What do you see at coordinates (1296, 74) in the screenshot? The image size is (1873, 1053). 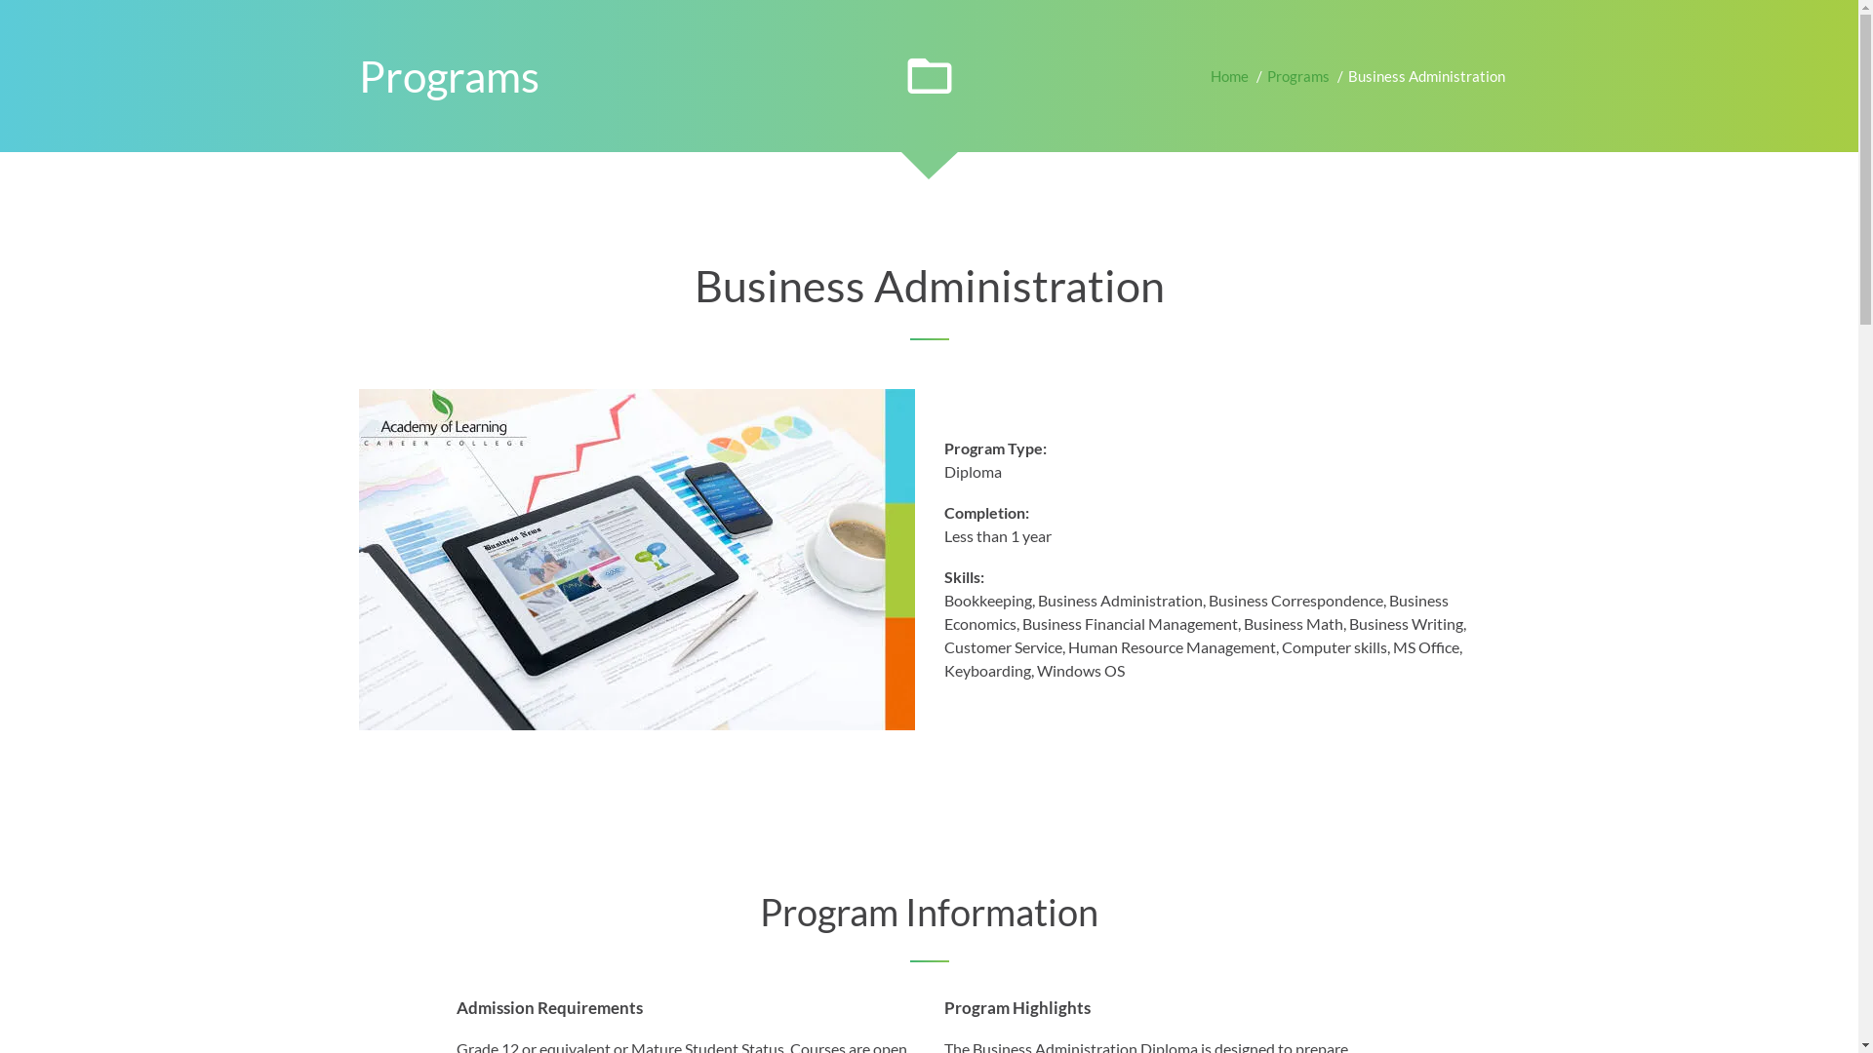 I see `'Programs'` at bounding box center [1296, 74].